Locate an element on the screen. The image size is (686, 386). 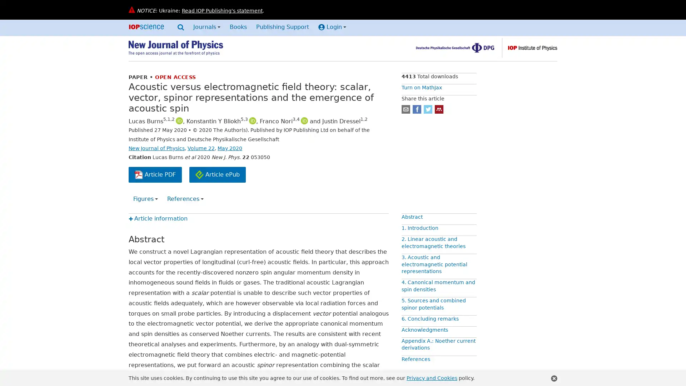
Search is located at coordinates (180, 28).